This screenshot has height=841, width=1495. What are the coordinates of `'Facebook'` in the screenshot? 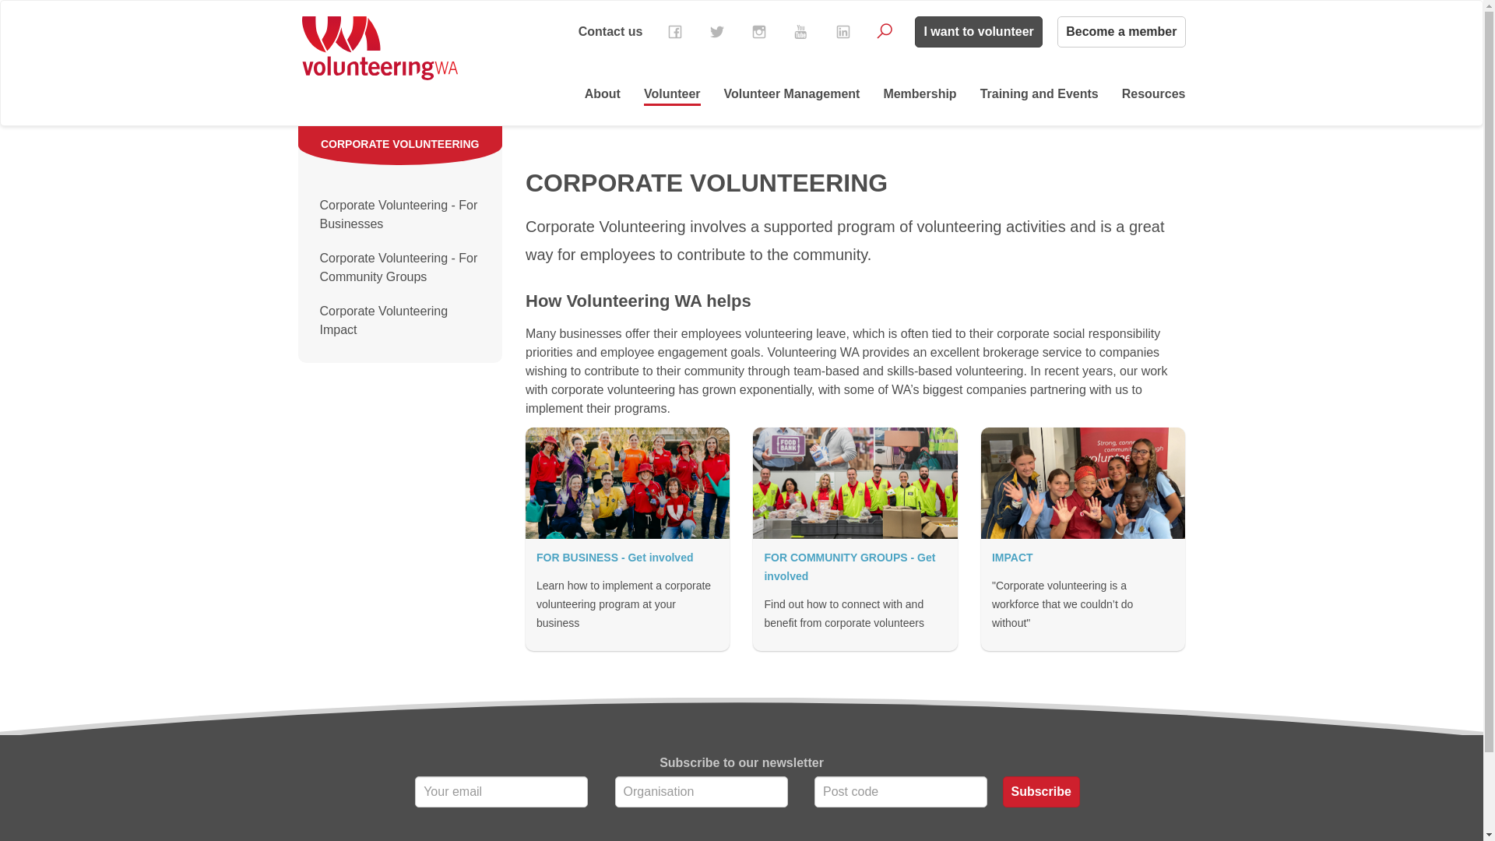 It's located at (675, 32).